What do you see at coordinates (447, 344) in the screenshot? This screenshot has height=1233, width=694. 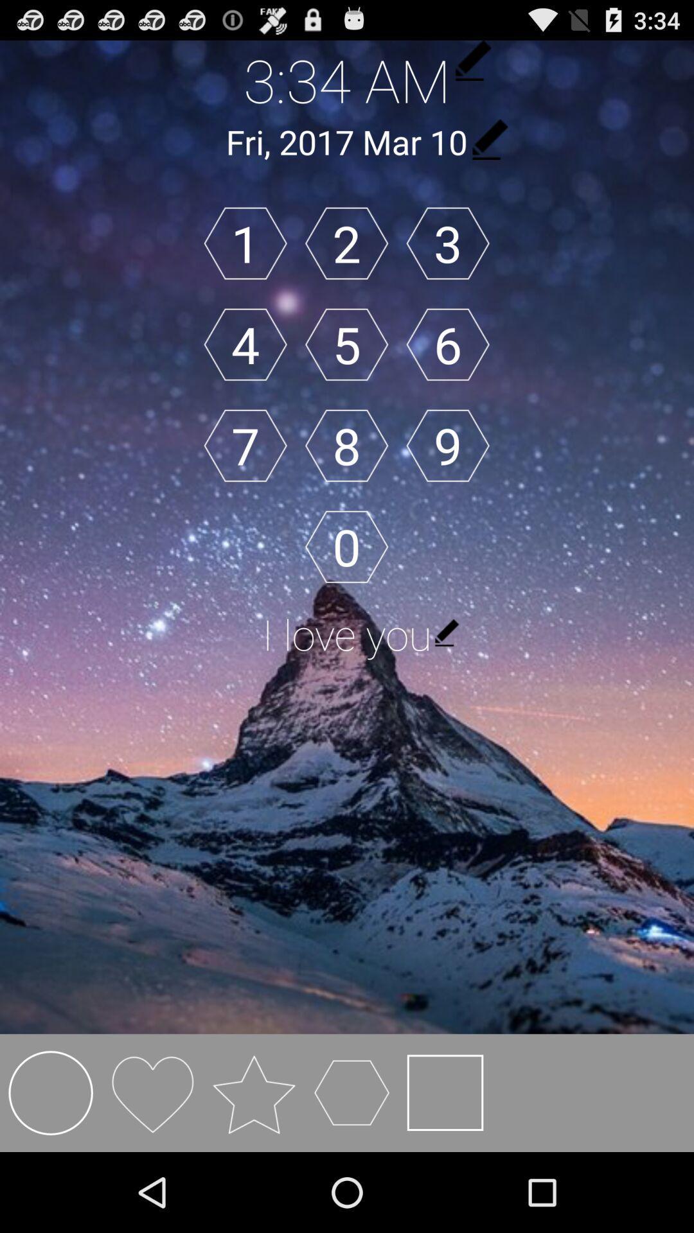 I see `6` at bounding box center [447, 344].